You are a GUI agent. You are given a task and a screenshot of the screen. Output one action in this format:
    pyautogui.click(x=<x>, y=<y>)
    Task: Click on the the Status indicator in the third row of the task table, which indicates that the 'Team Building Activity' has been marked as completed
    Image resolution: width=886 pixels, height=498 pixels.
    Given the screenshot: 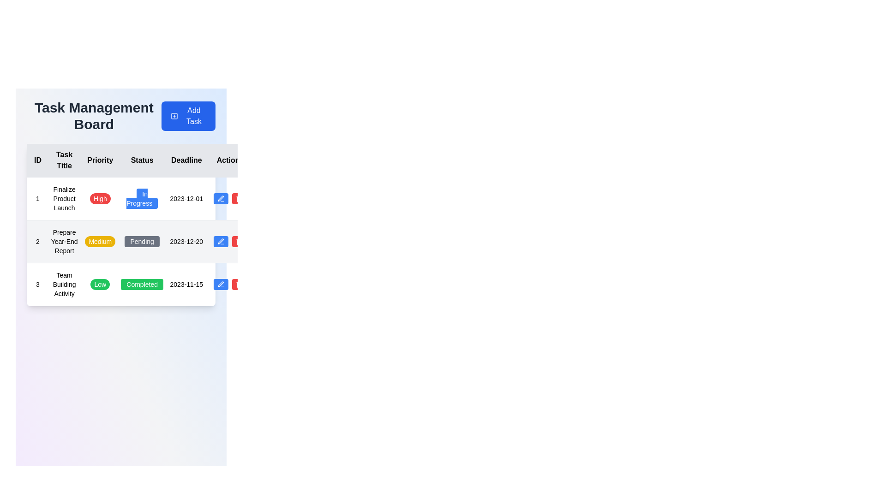 What is the action you would take?
    pyautogui.click(x=142, y=284)
    